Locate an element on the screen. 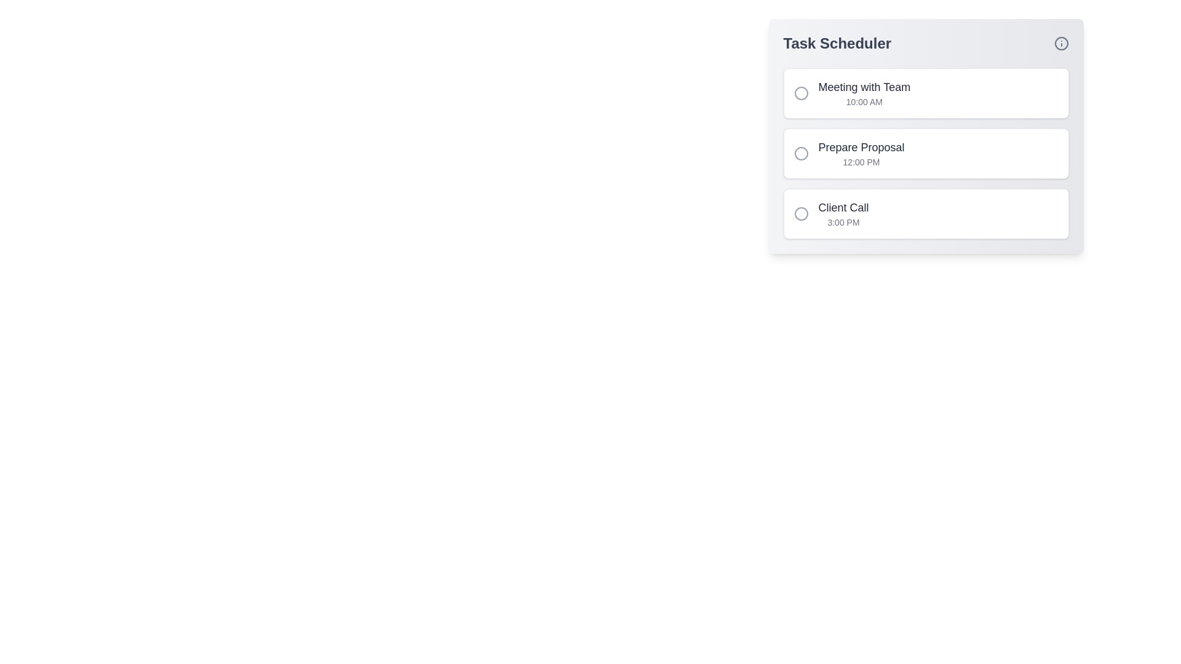 The height and width of the screenshot is (664, 1181). the info icon to interact with it is located at coordinates (1060, 42).